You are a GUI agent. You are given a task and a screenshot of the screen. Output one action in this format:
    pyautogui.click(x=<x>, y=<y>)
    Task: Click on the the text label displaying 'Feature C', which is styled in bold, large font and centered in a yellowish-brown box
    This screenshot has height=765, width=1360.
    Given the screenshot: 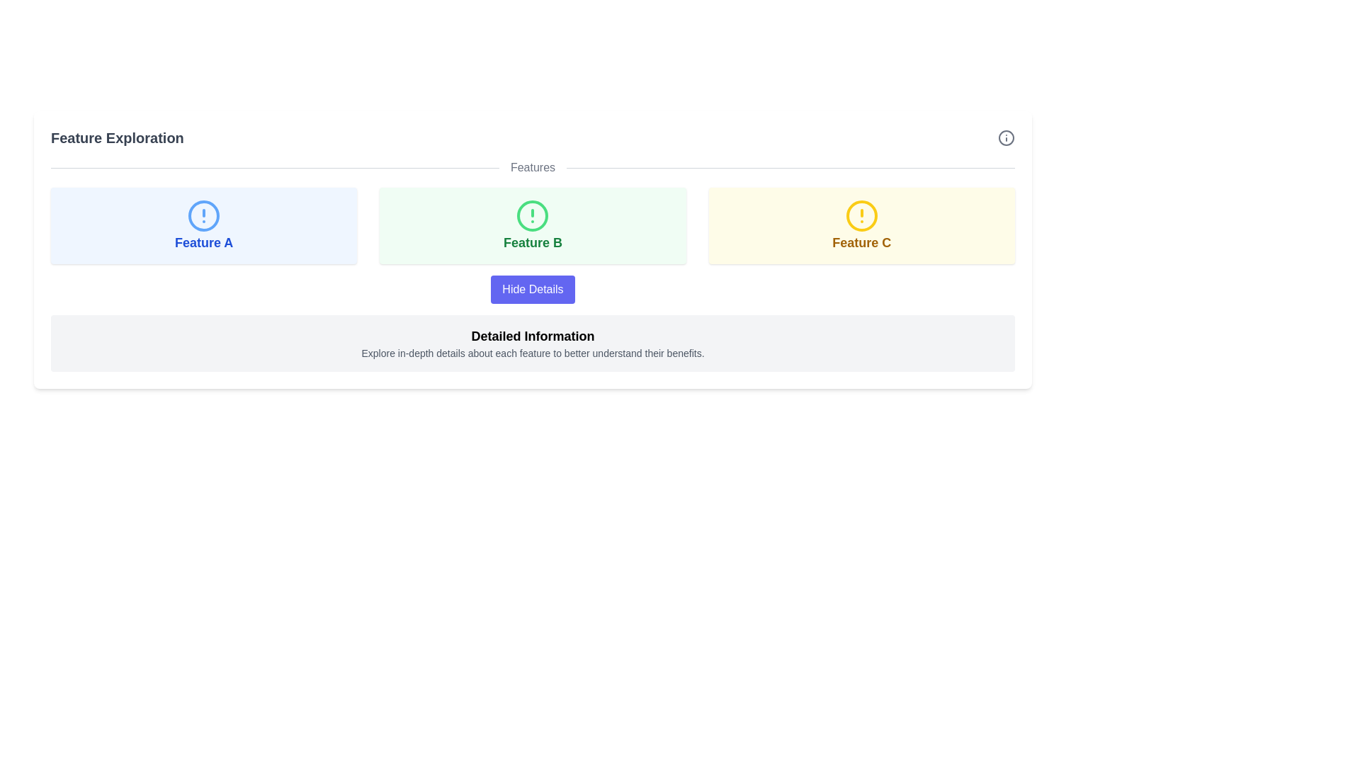 What is the action you would take?
    pyautogui.click(x=861, y=242)
    